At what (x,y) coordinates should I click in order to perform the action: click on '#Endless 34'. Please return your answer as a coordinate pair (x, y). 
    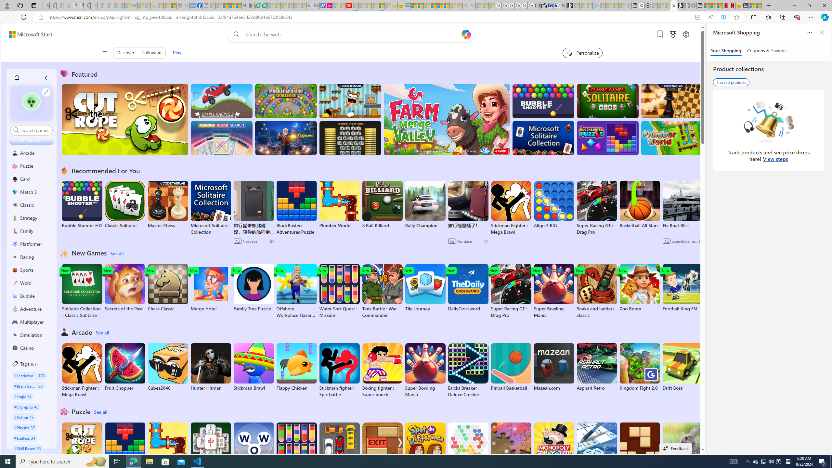
    Looking at the image, I should click on (25, 438).